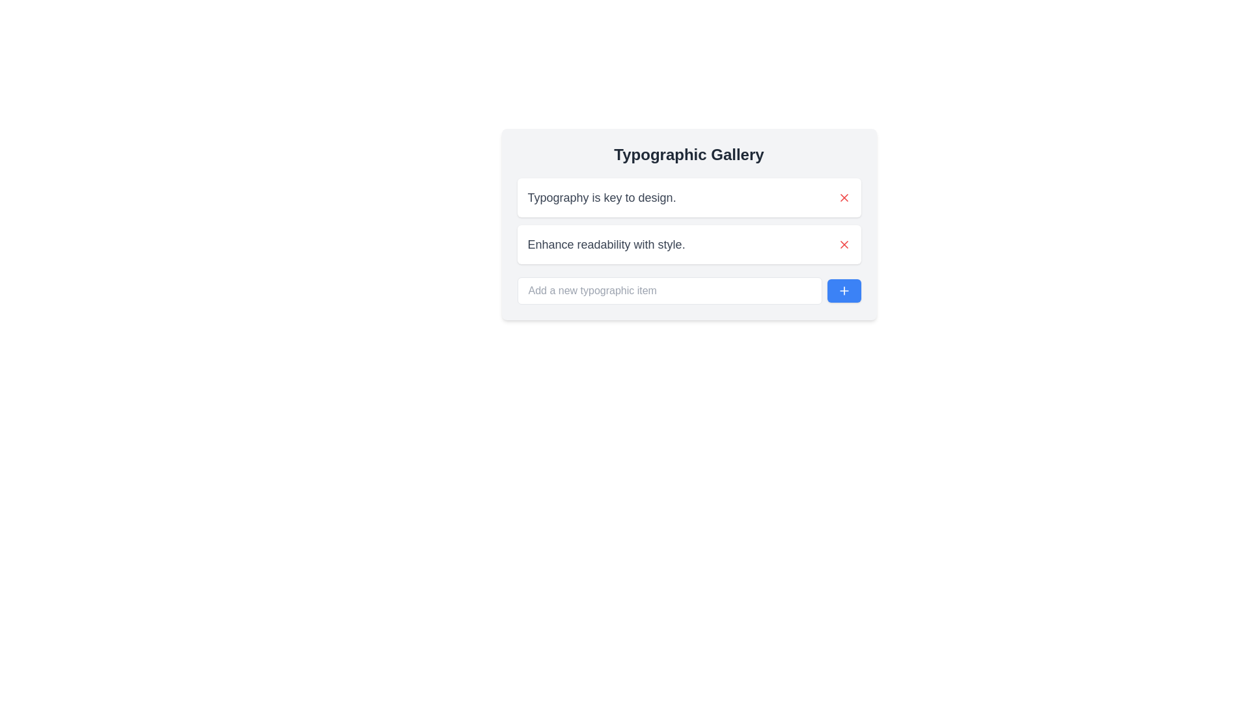 This screenshot has width=1250, height=703. I want to click on the 'plus' icon located at the bottom-right corner of the 'Typographic Gallery' card, so click(844, 290).